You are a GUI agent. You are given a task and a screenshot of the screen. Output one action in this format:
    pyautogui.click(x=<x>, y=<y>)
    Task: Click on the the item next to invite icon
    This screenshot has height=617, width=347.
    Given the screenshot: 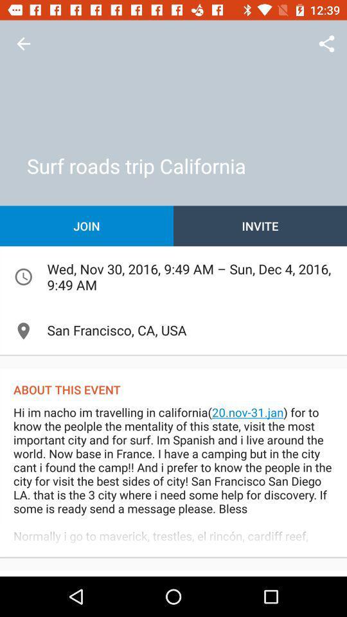 What is the action you would take?
    pyautogui.click(x=87, y=226)
    